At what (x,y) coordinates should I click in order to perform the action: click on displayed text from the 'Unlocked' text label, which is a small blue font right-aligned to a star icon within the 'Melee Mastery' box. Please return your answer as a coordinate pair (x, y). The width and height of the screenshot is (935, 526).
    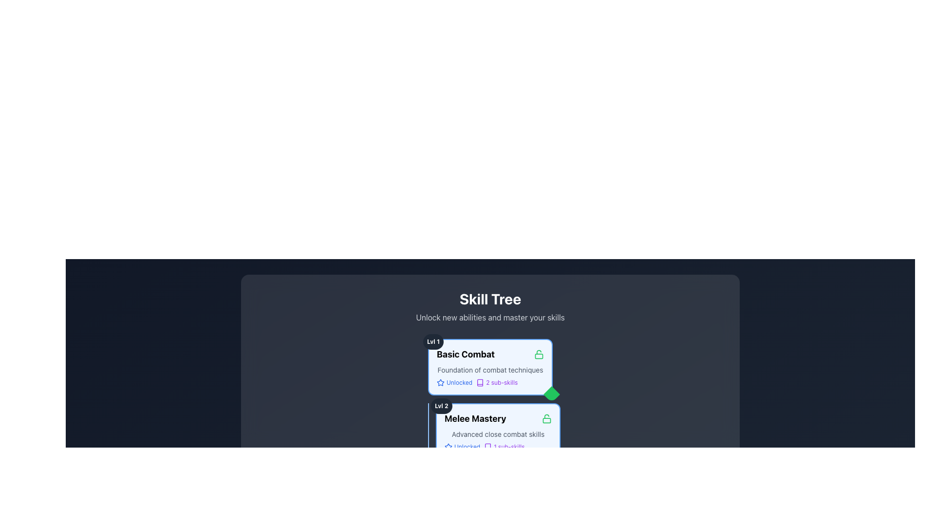
    Looking at the image, I should click on (467, 447).